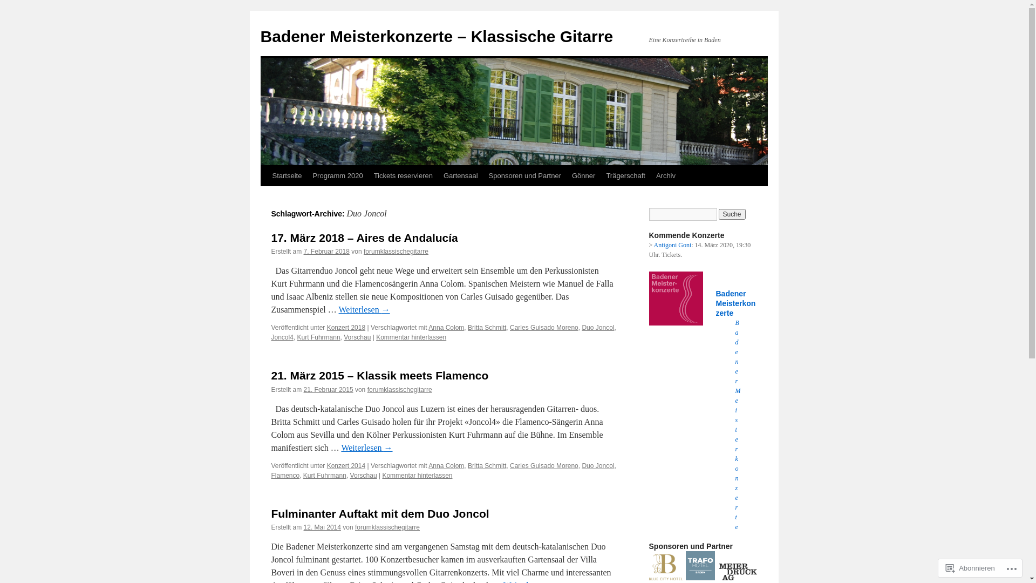 The height and width of the screenshot is (583, 1036). What do you see at coordinates (403, 175) in the screenshot?
I see `'Tickets reservieren'` at bounding box center [403, 175].